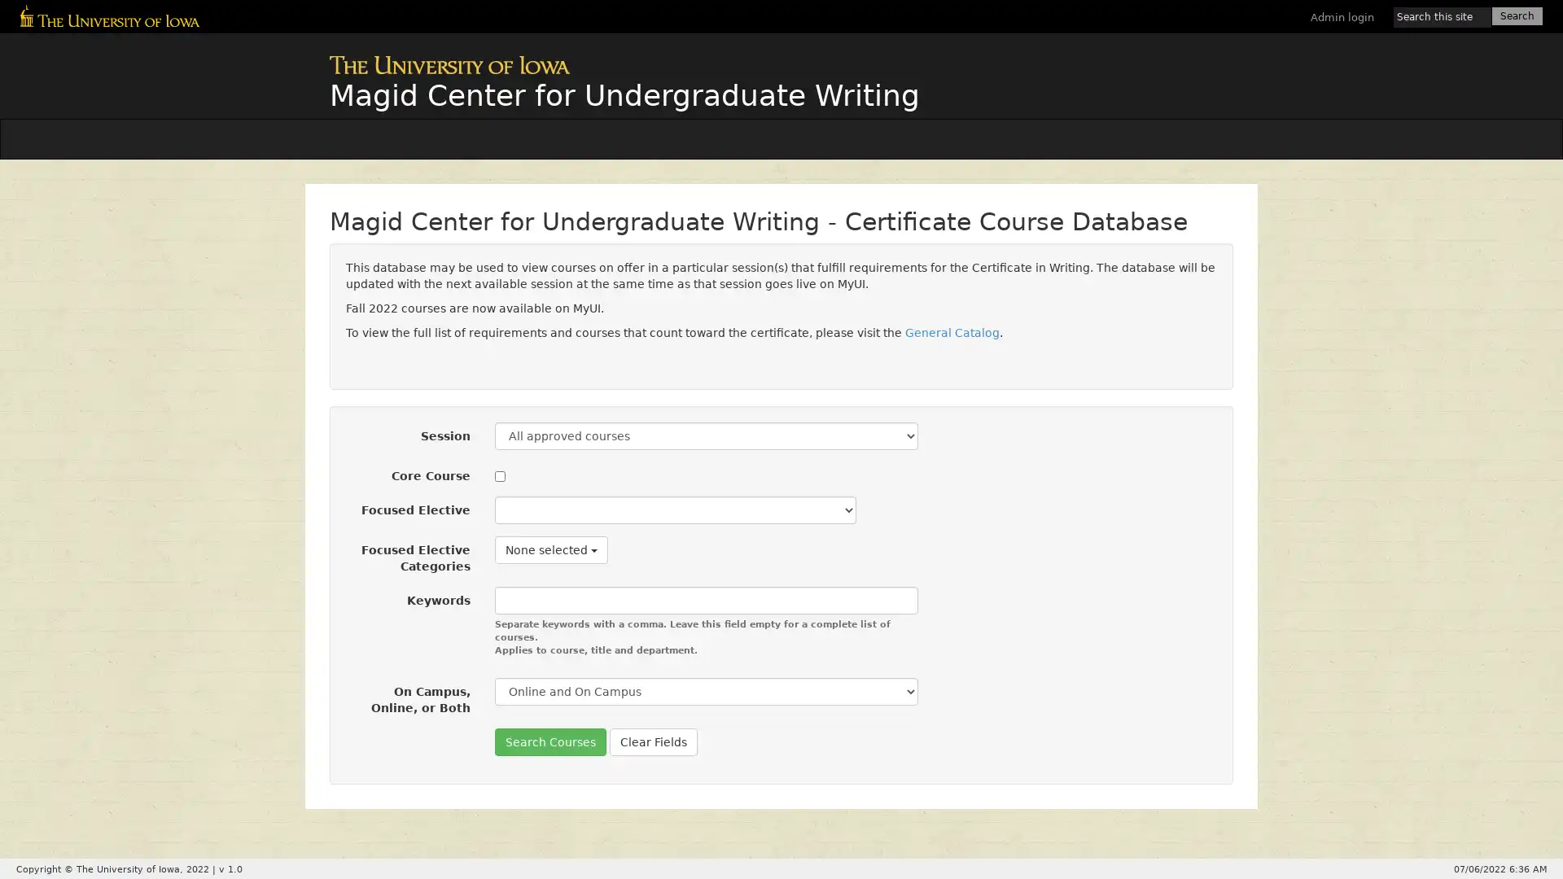 The width and height of the screenshot is (1563, 879). What do you see at coordinates (653, 741) in the screenshot?
I see `Clear Fields` at bounding box center [653, 741].